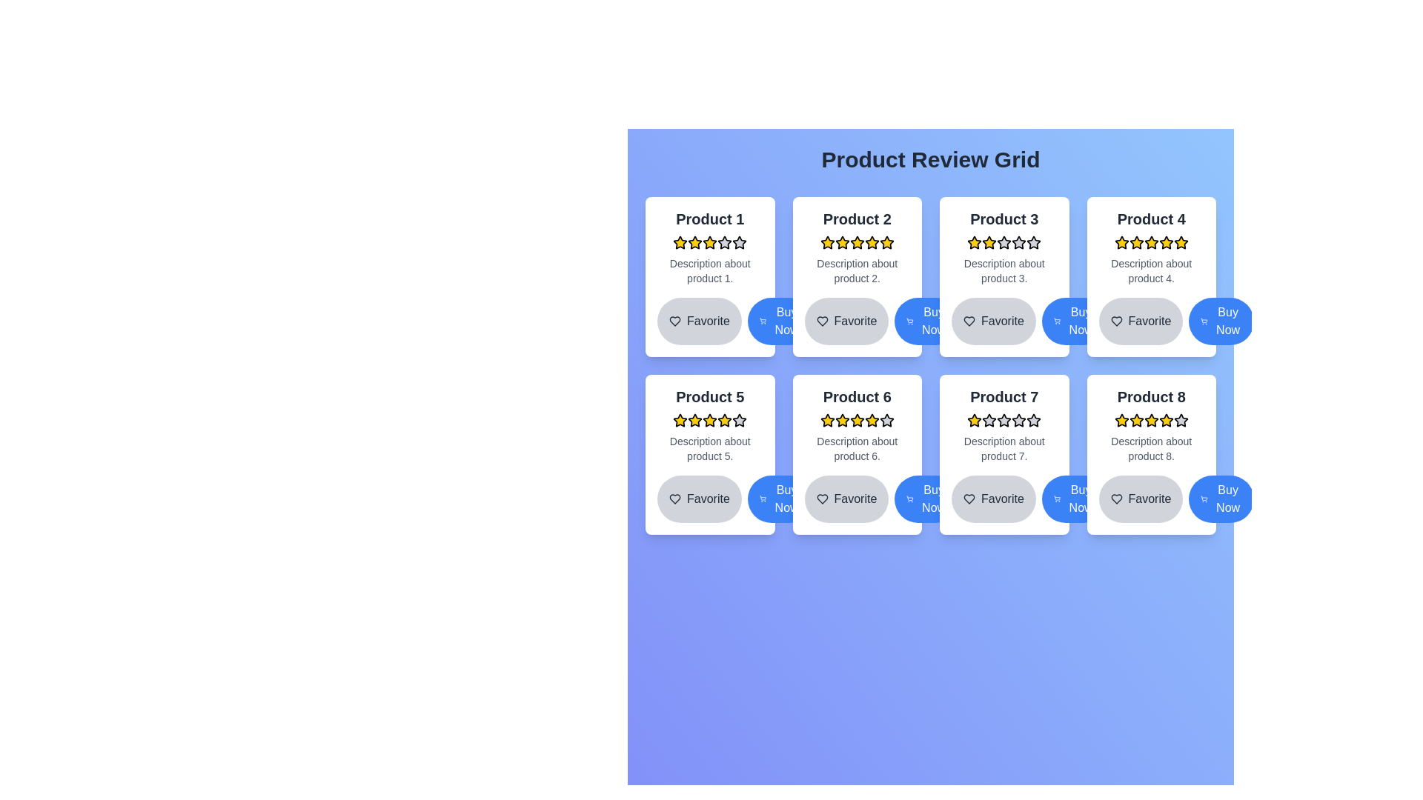 This screenshot has height=800, width=1423. Describe the element at coordinates (1004, 241) in the screenshot. I see `the fourth star-shaped icon with a hollow center and gray outline in the user rating system for 'Product 3'` at that location.